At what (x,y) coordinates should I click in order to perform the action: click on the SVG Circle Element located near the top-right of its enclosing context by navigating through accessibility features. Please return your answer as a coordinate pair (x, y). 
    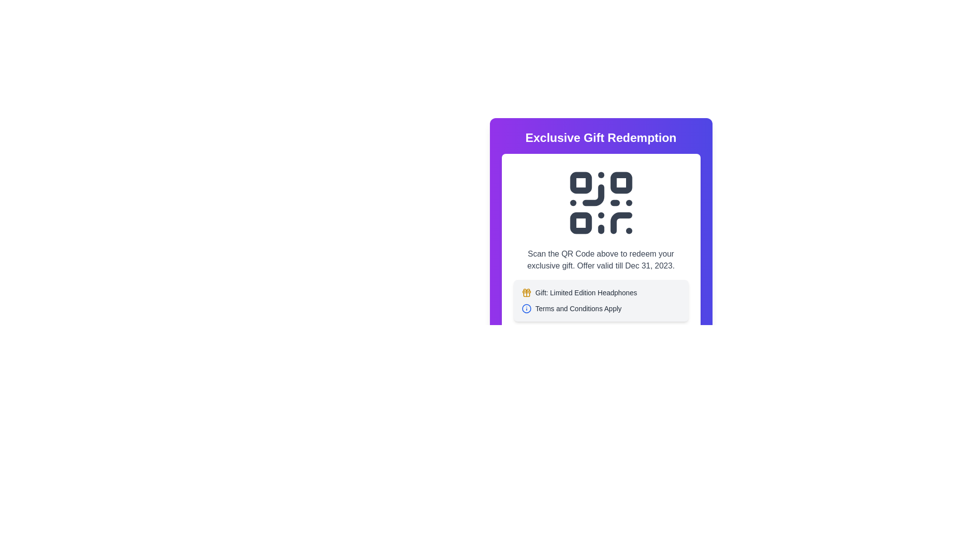
    Looking at the image, I should click on (526, 308).